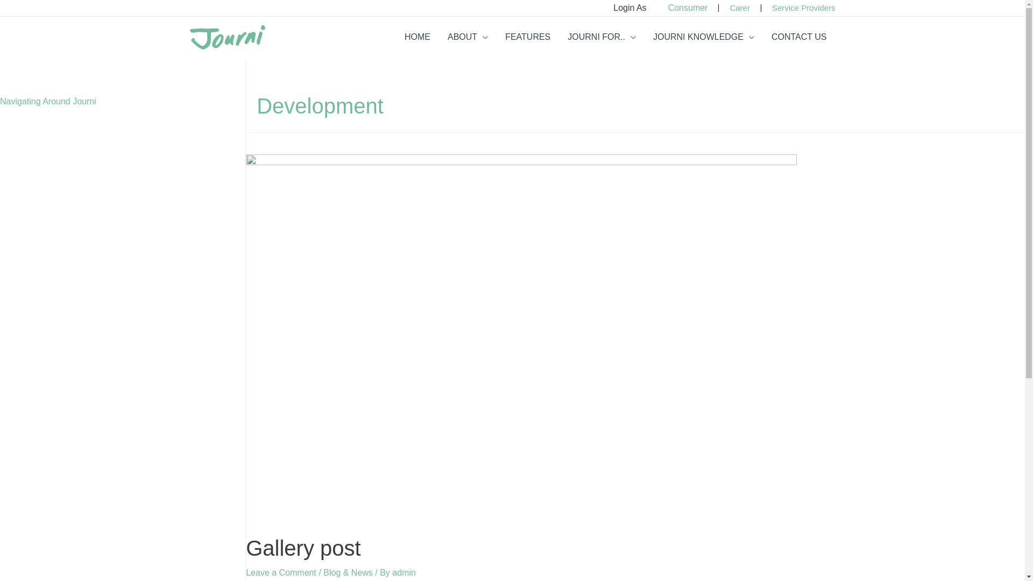 The image size is (1033, 581). I want to click on 'Leave a Comment', so click(281, 572).